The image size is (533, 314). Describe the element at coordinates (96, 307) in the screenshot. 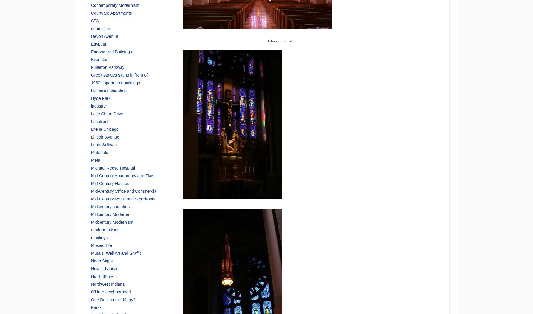

I see `'Parks'` at that location.